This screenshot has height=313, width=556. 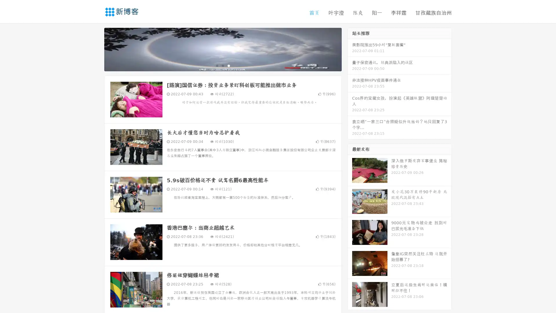 What do you see at coordinates (350, 49) in the screenshot?
I see `Next slide` at bounding box center [350, 49].